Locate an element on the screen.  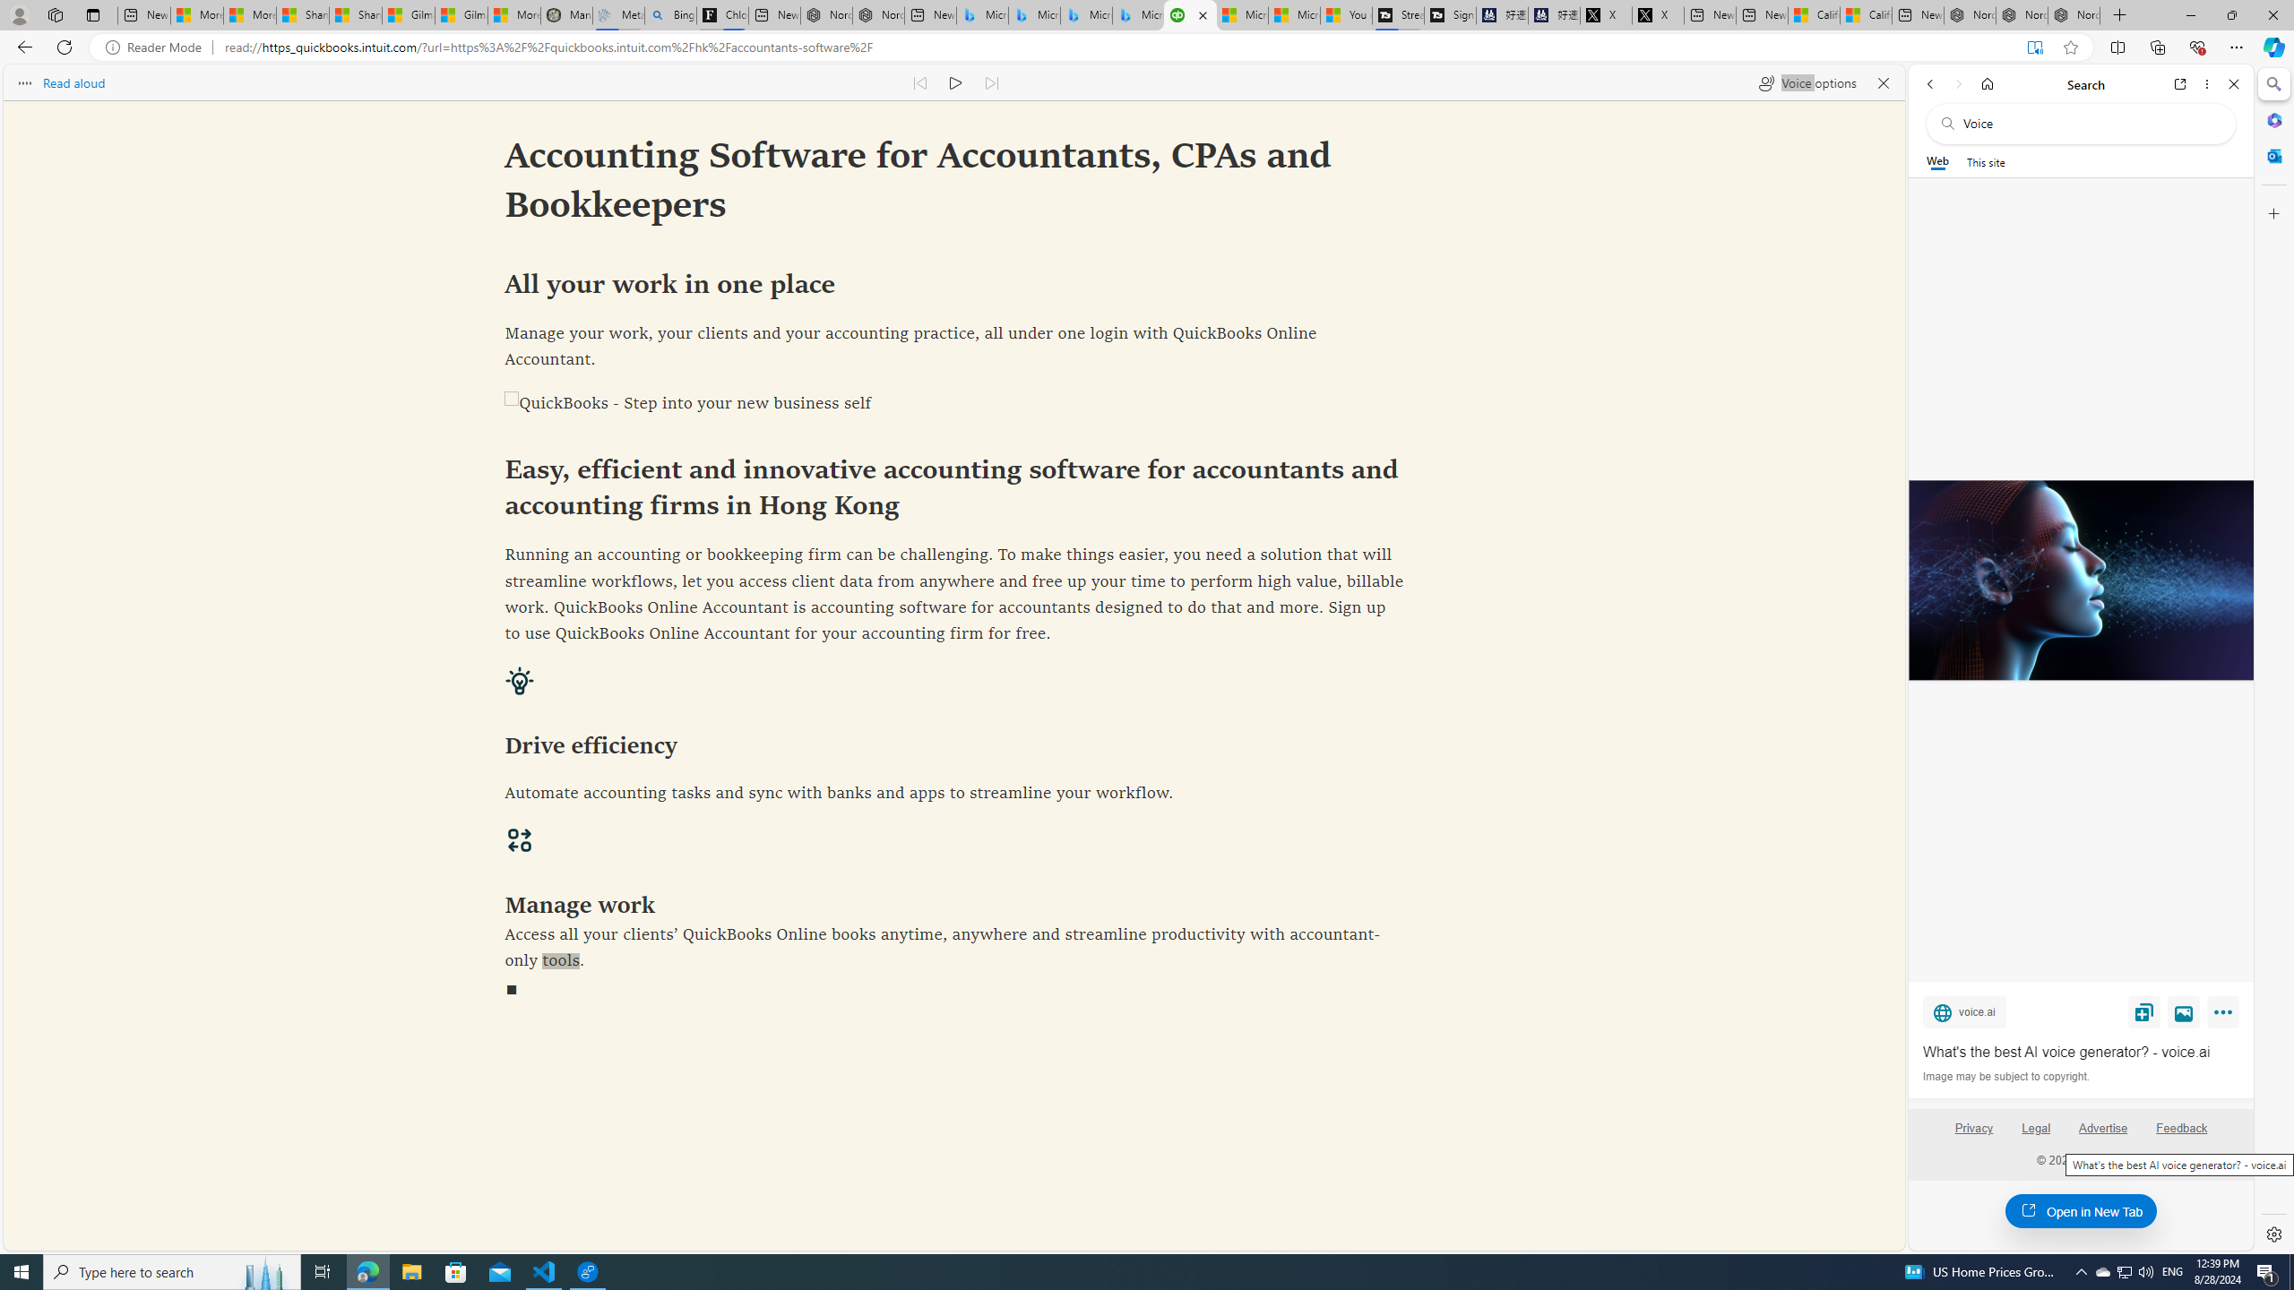
'Image may be subject to copyright.' is located at coordinates (2005, 1075).